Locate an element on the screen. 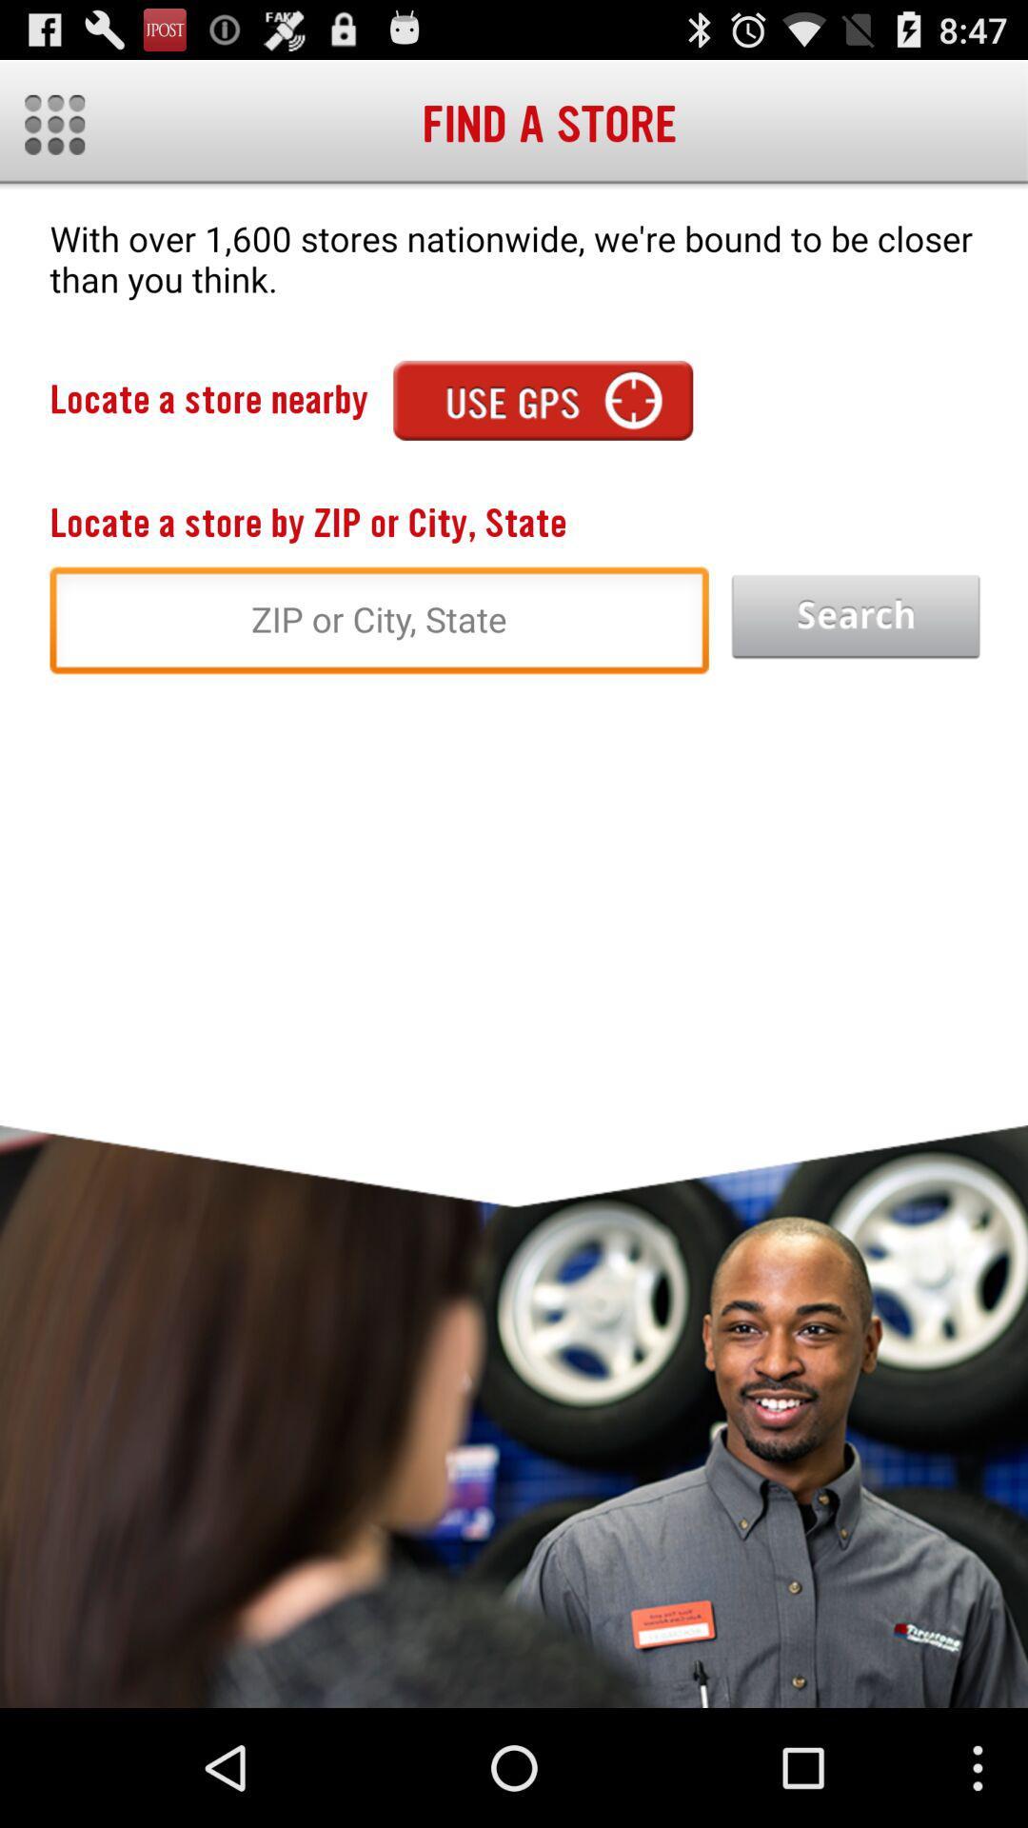  app below the with over 1 app is located at coordinates (855, 617).